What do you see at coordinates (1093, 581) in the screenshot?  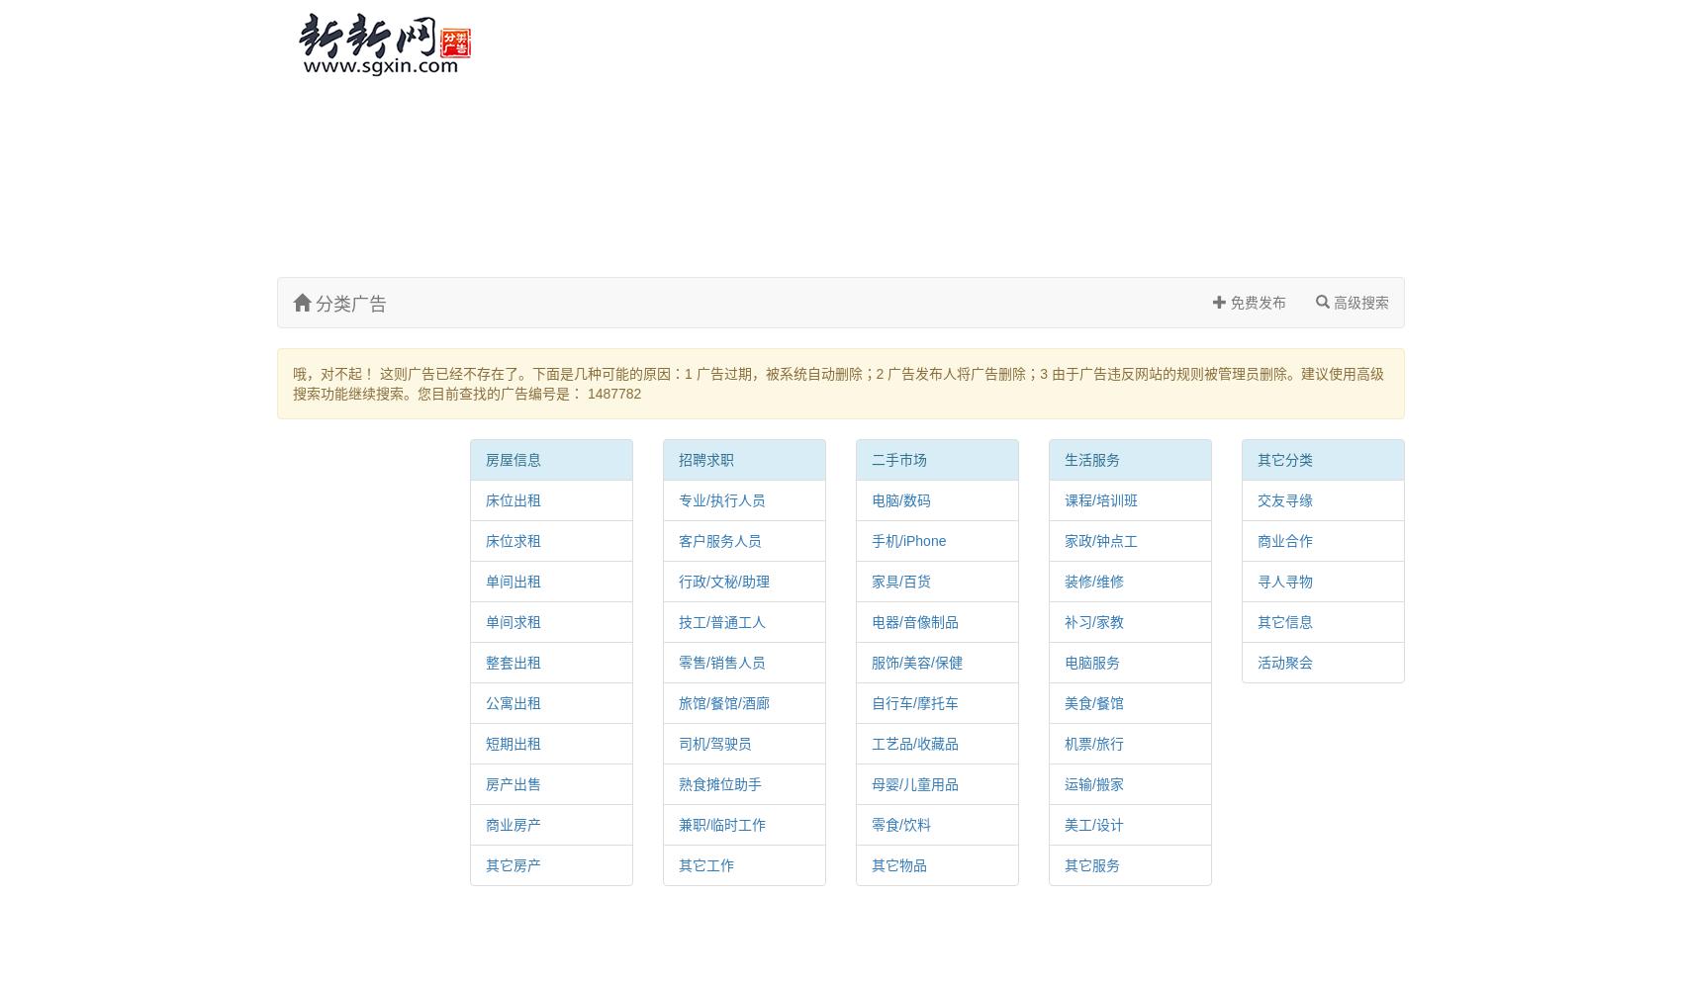 I see `'装修/维修'` at bounding box center [1093, 581].